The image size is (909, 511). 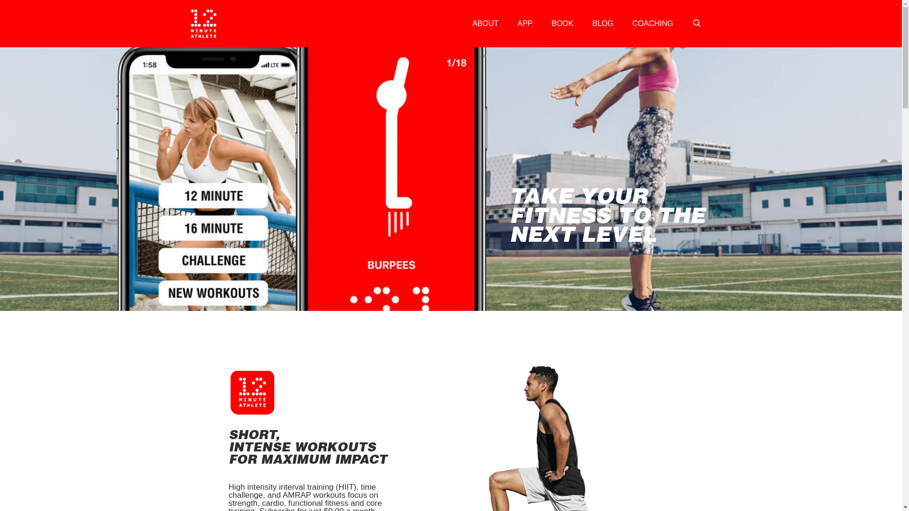 What do you see at coordinates (562, 23) in the screenshot?
I see `'BOOK'` at bounding box center [562, 23].